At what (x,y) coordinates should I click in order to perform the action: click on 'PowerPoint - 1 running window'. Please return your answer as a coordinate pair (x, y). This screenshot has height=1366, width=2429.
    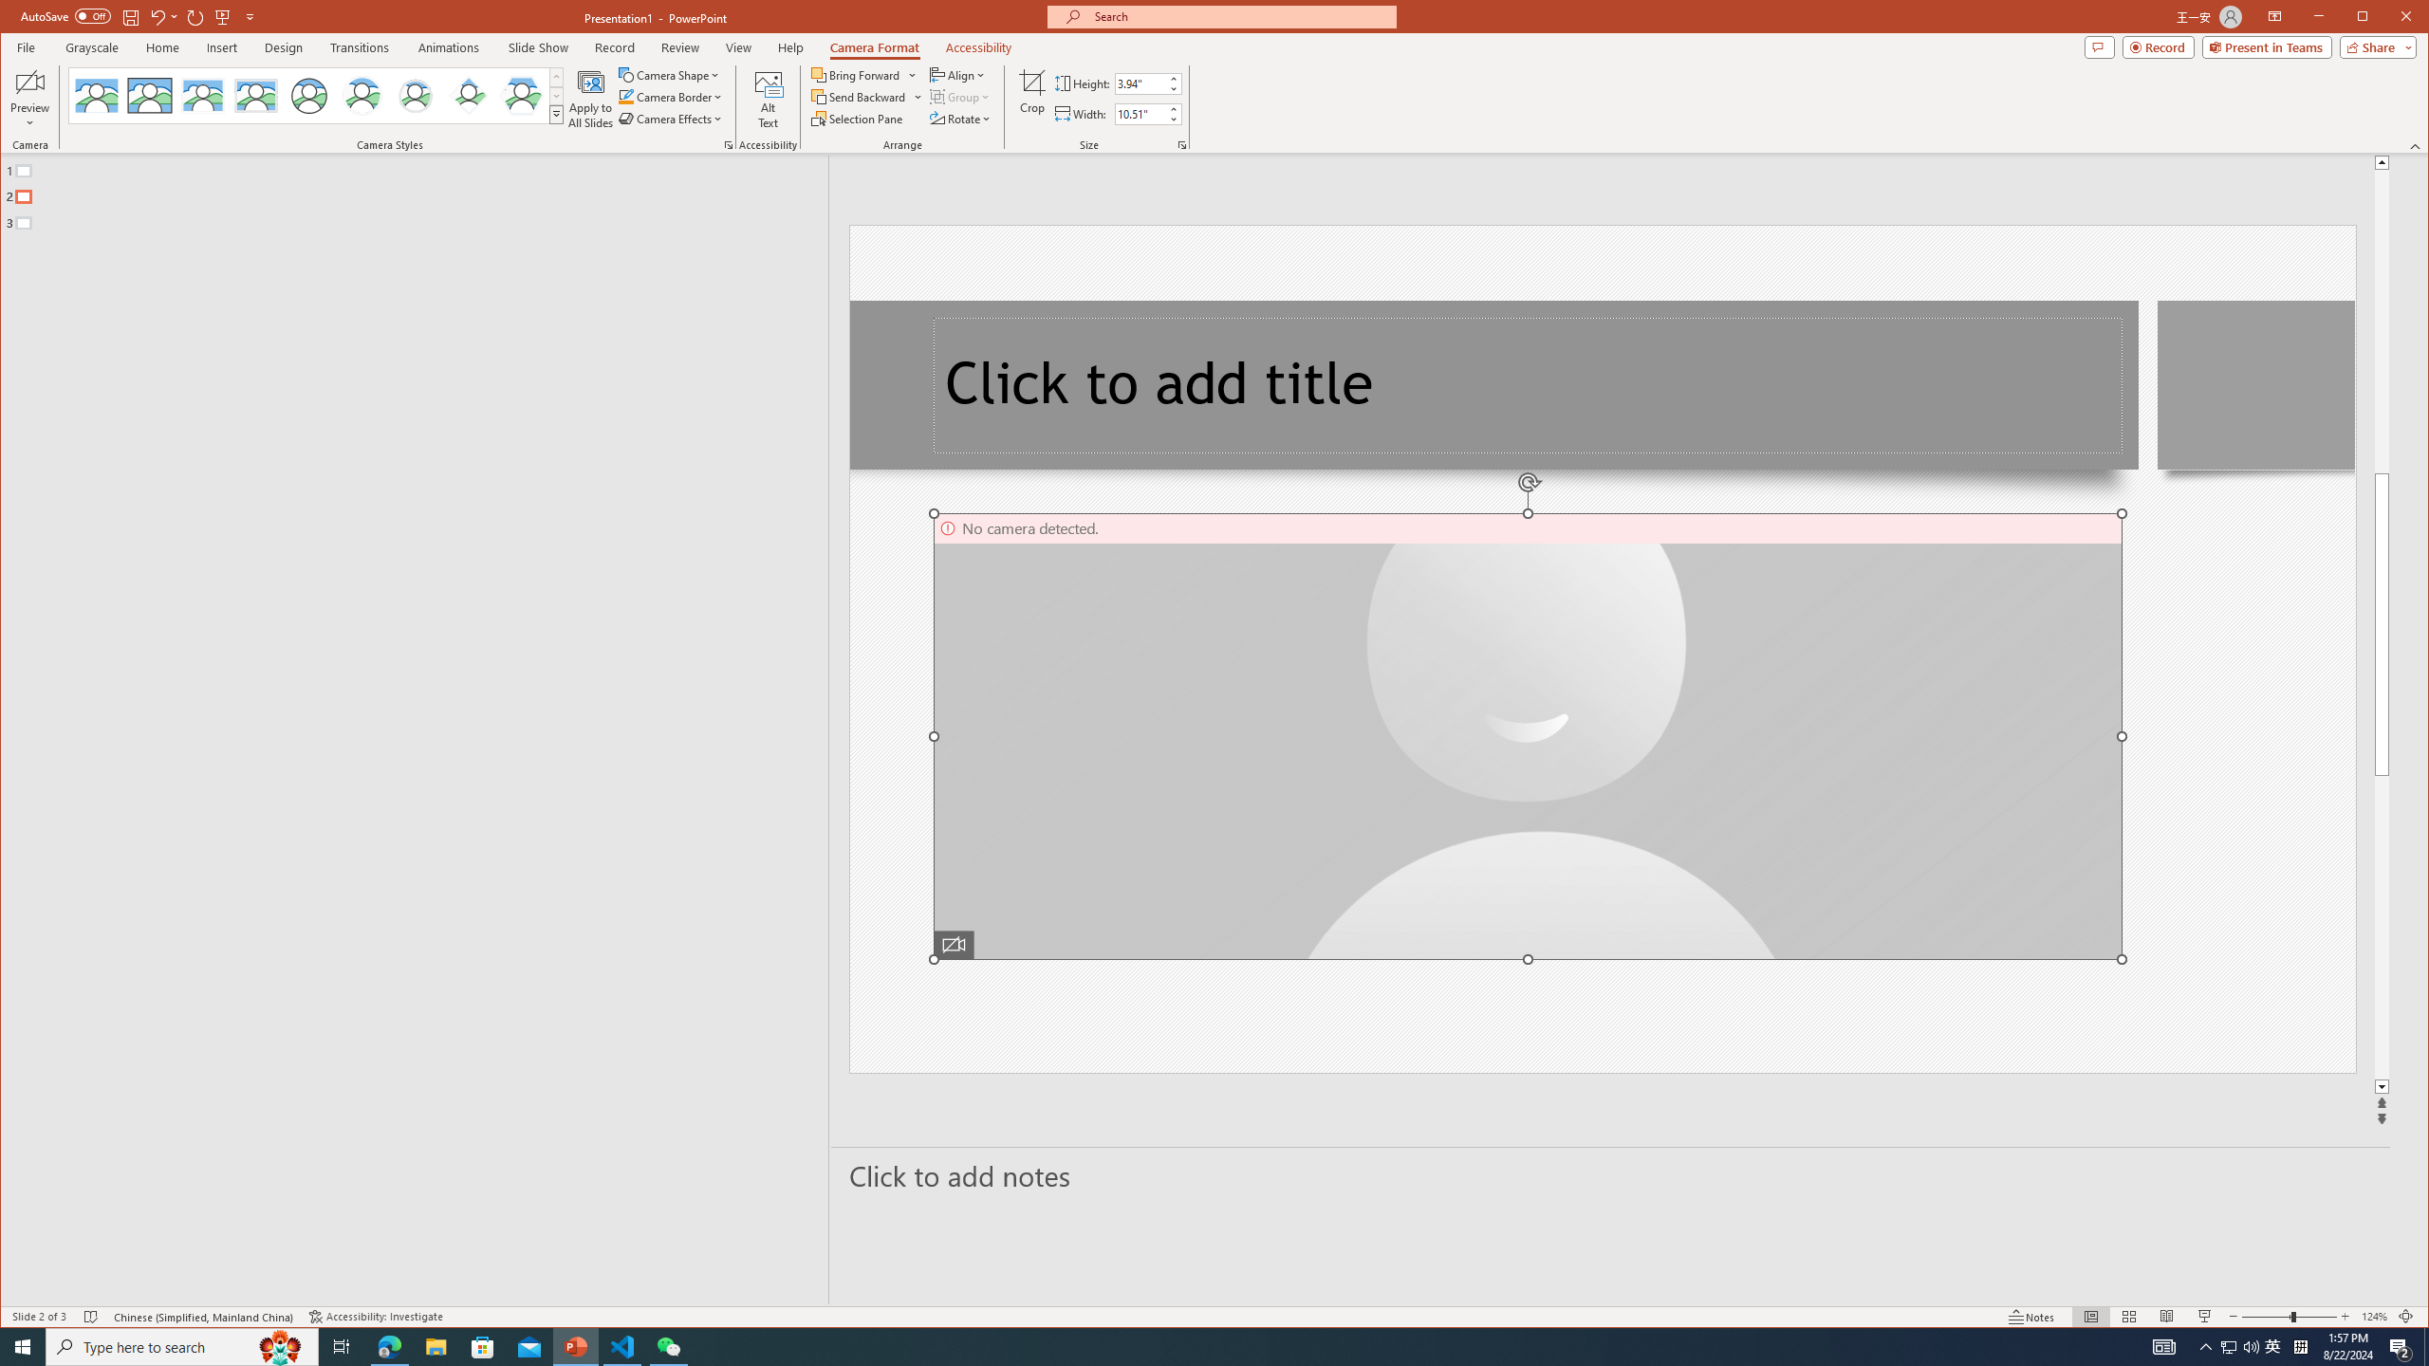
    Looking at the image, I should click on (576, 1345).